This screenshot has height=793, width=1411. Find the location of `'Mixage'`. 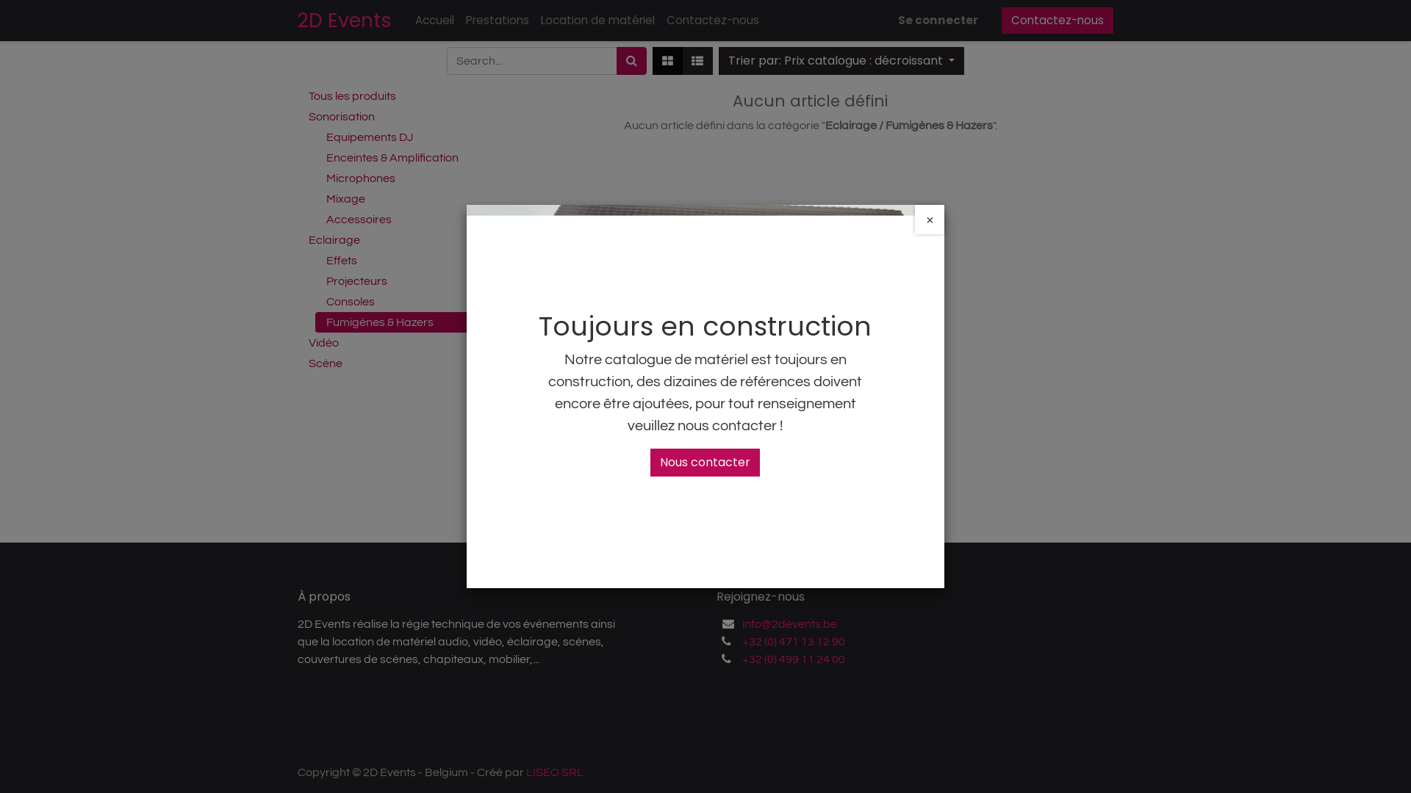

'Mixage' is located at coordinates (400, 198).